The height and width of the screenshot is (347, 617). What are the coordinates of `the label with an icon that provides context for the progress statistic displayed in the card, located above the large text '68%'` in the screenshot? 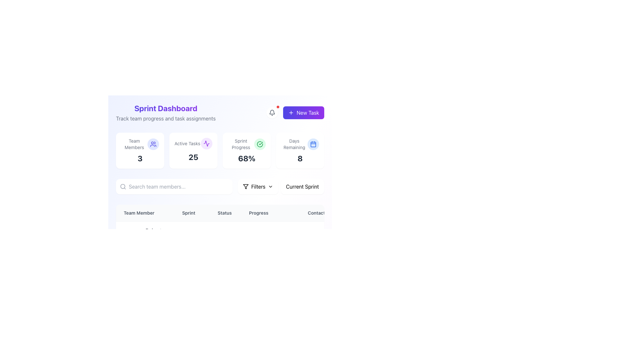 It's located at (246, 144).